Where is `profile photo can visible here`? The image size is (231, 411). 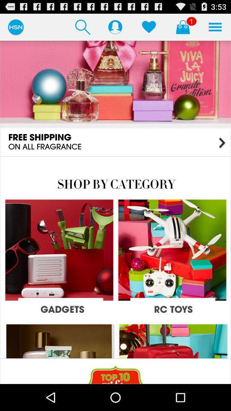 profile photo can visible here is located at coordinates (115, 27).